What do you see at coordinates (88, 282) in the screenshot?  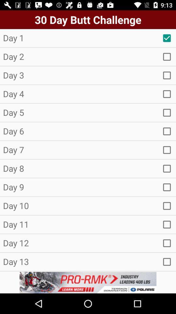 I see `open the advertisements` at bounding box center [88, 282].